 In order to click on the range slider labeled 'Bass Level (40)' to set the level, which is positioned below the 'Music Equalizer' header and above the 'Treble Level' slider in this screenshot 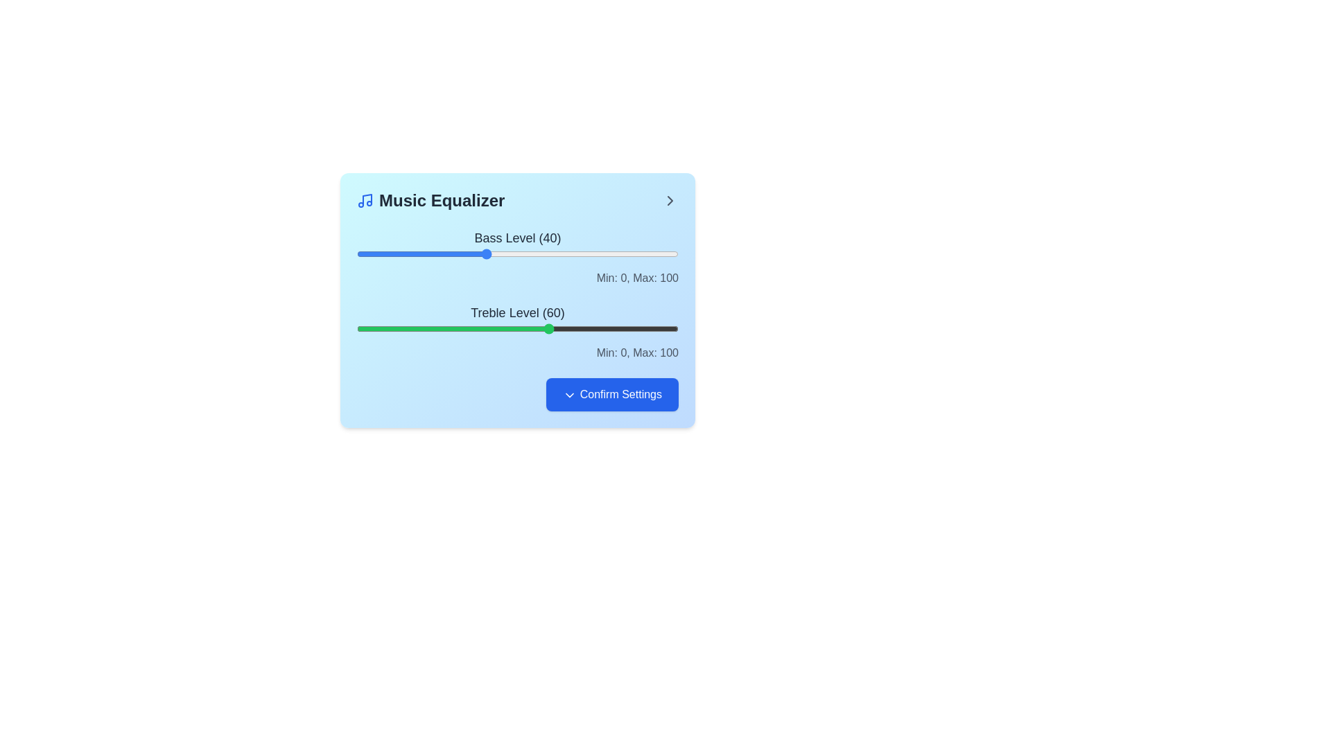, I will do `click(517, 257)`.